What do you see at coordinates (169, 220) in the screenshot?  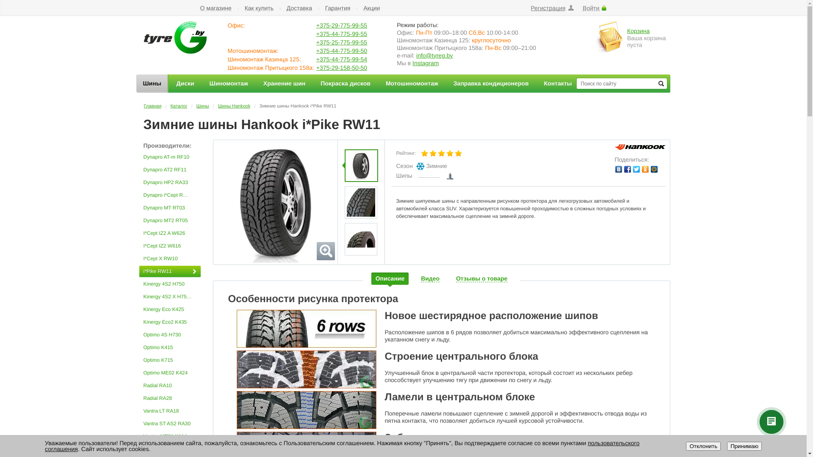 I see `'Dynapro MT2 RT05'` at bounding box center [169, 220].